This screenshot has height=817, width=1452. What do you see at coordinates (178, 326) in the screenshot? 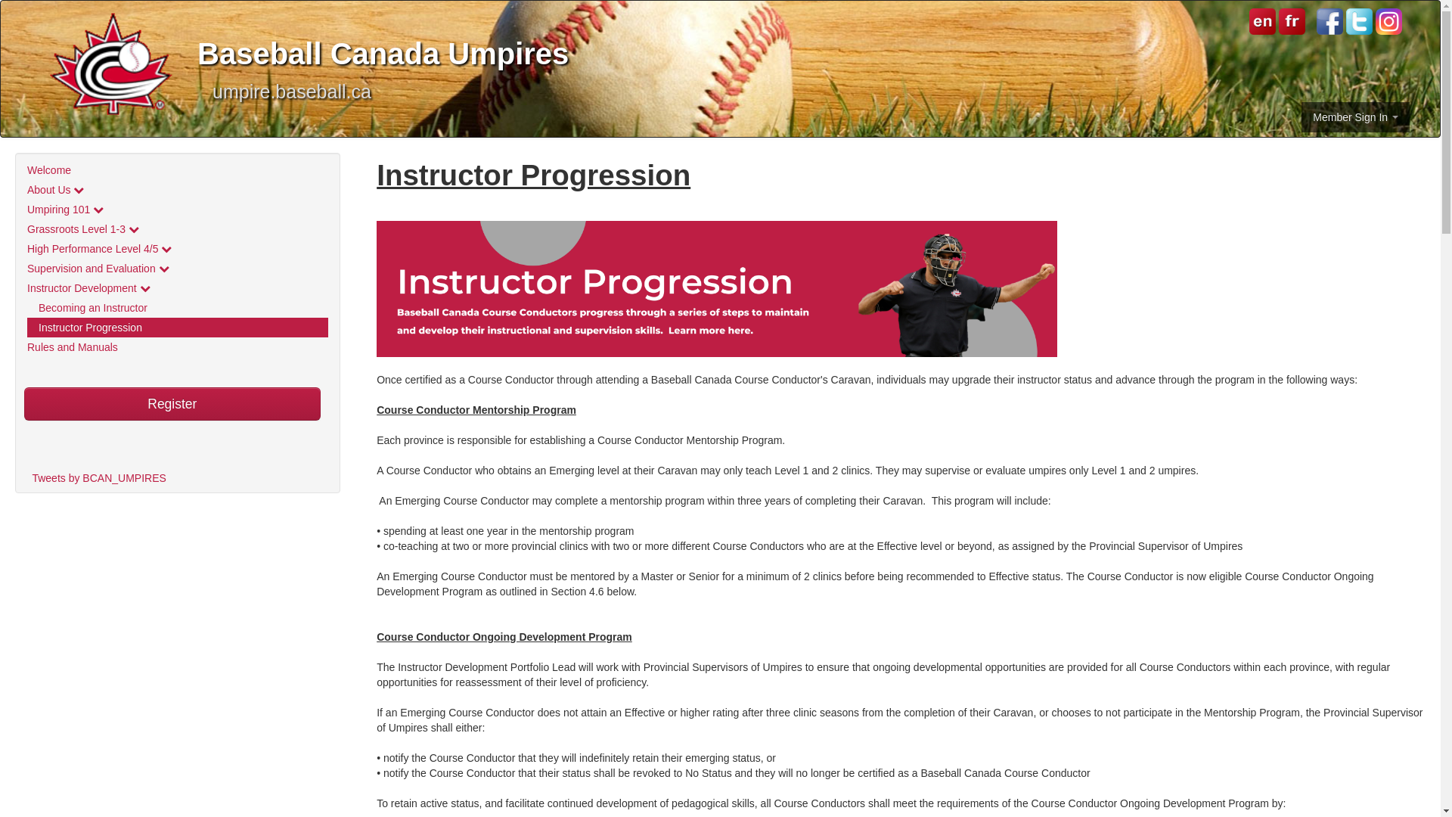
I see `'Instructor Progression'` at bounding box center [178, 326].